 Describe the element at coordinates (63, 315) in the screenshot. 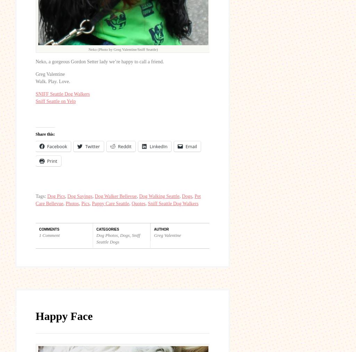

I see `'Happy Face'` at that location.